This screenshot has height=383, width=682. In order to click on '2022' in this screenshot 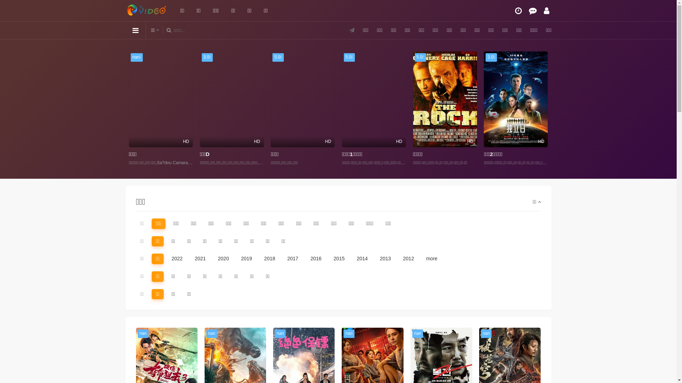, I will do `click(167, 259)`.